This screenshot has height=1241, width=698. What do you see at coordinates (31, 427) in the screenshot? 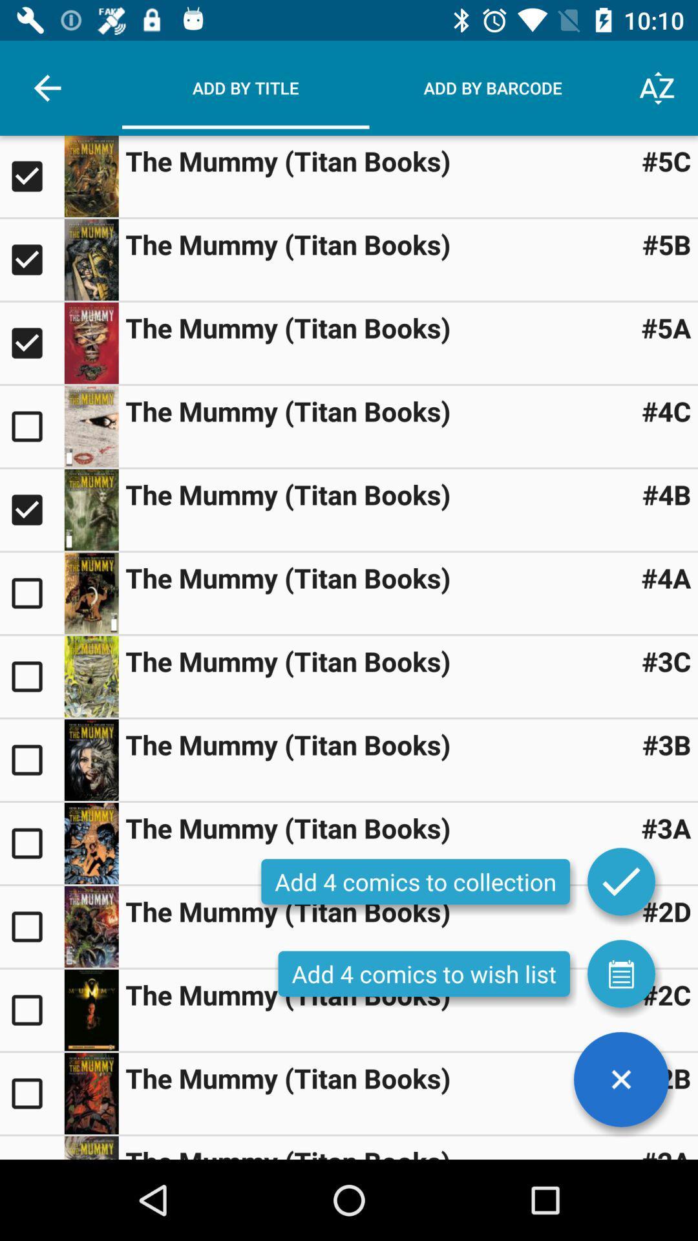
I see `add to comics to collection` at bounding box center [31, 427].